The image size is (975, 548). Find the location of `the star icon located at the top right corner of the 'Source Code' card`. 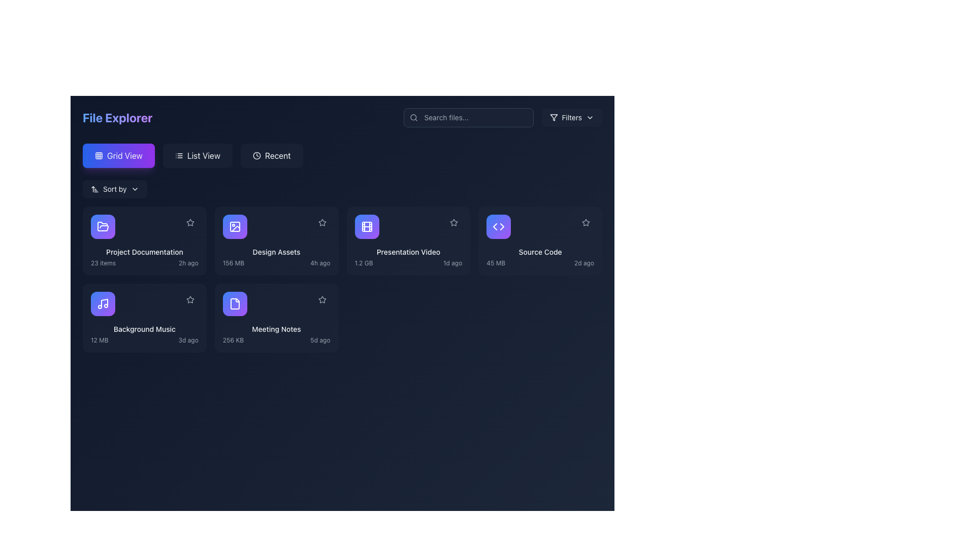

the star icon located at the top right corner of the 'Source Code' card is located at coordinates (586, 222).